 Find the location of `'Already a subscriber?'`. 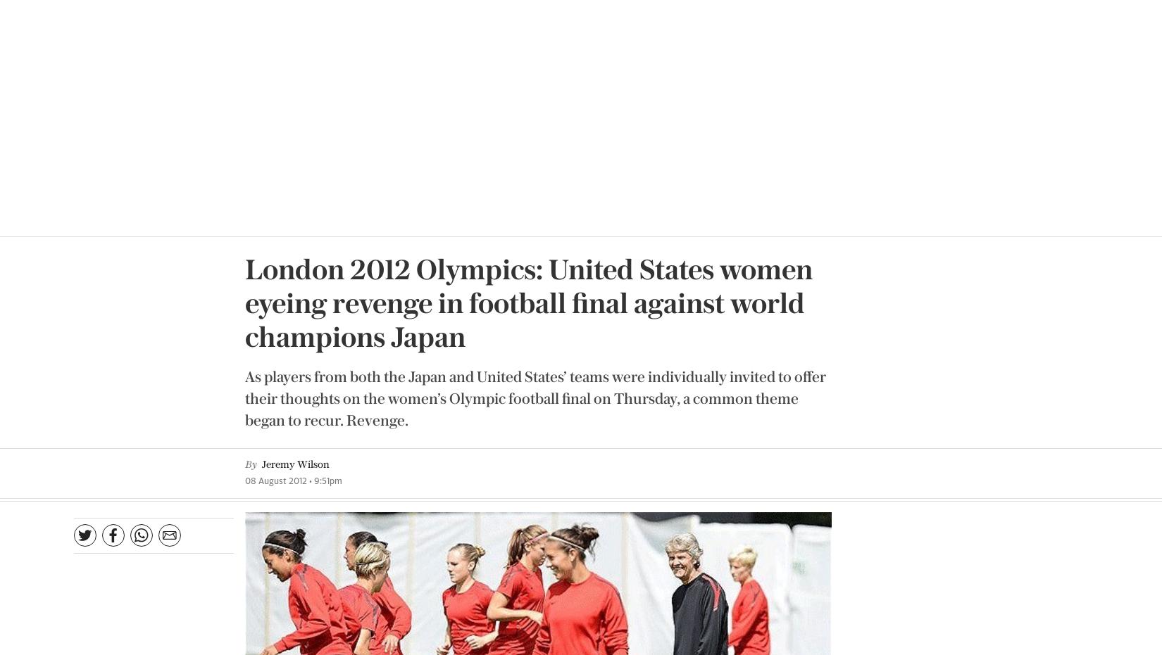

'Already a subscriber?' is located at coordinates (563, 636).